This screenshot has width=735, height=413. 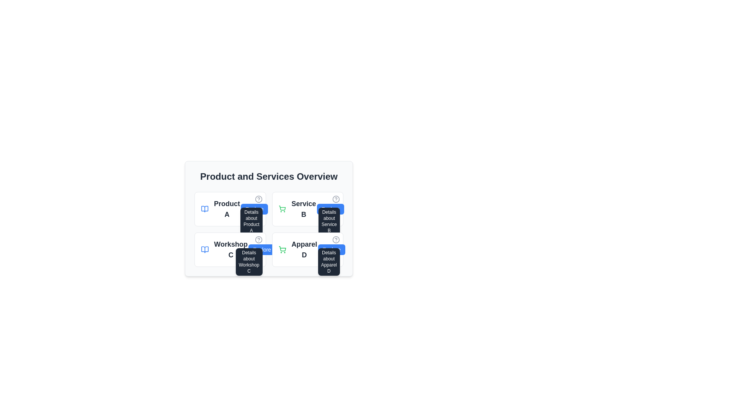 I want to click on the tooltip providing additional information about 'Service B', located adjacent to the top-right corner of the 'Service B' card in the 'Product and Services Overview' interface, so click(x=329, y=221).